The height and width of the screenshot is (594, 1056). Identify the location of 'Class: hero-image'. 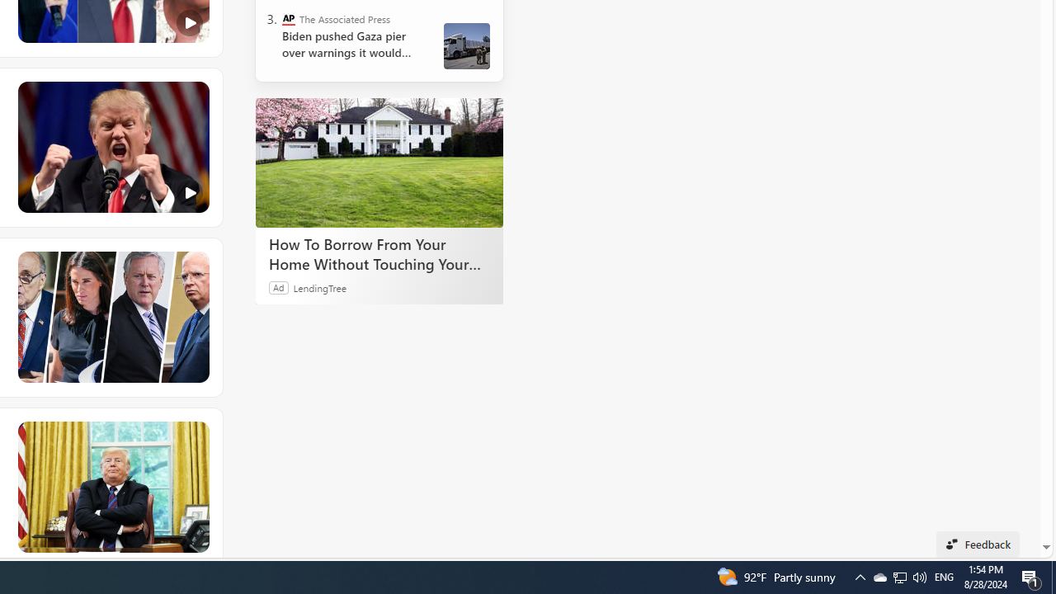
(111, 147).